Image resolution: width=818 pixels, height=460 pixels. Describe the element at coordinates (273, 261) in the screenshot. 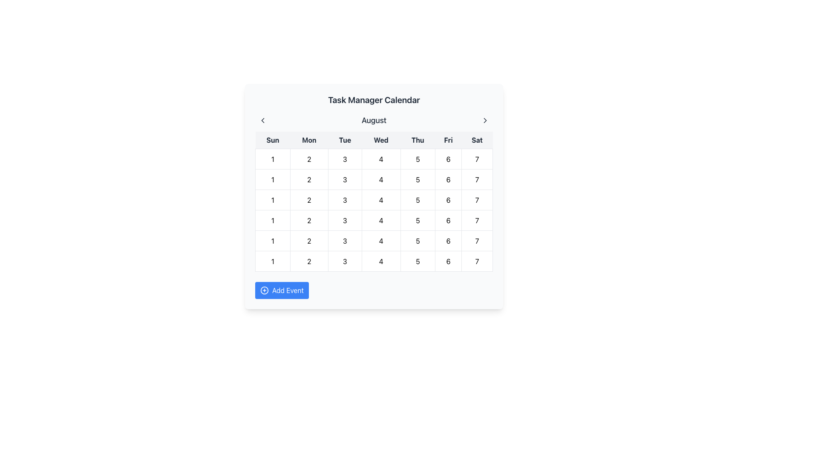

I see `the numerical value '1' located in the first column under the 'Sun' header of the calendar grid, which is in the sixth visible row` at that location.